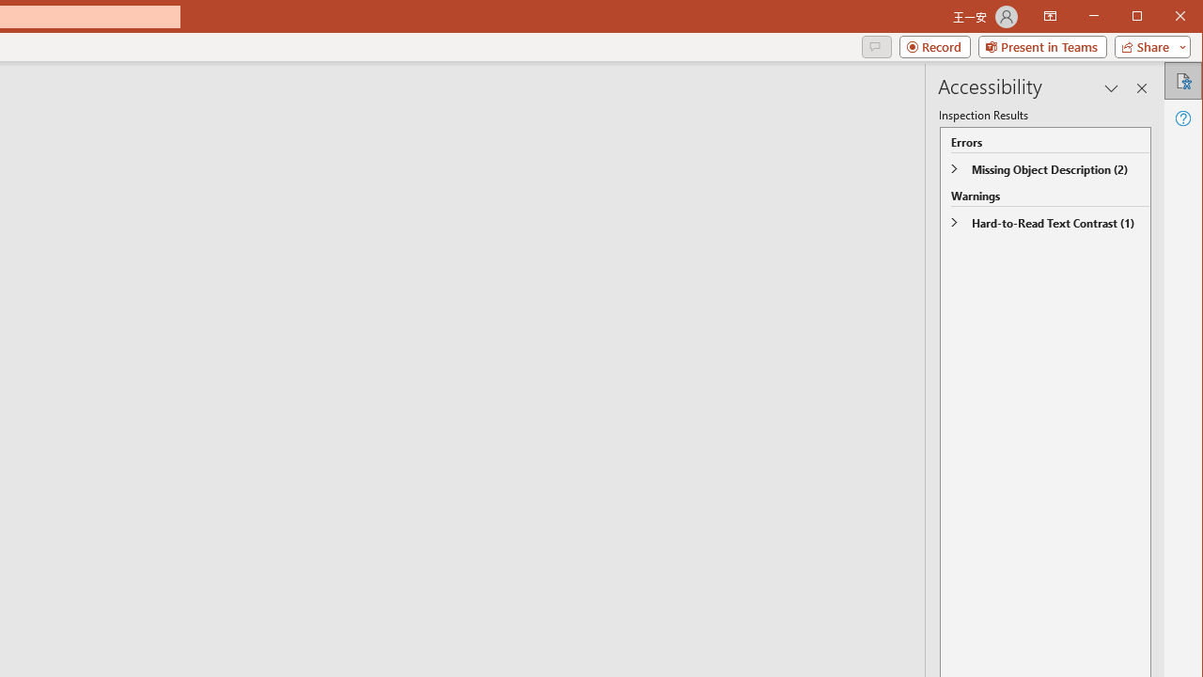 Image resolution: width=1203 pixels, height=677 pixels. Describe the element at coordinates (935, 46) in the screenshot. I see `'Record'` at that location.